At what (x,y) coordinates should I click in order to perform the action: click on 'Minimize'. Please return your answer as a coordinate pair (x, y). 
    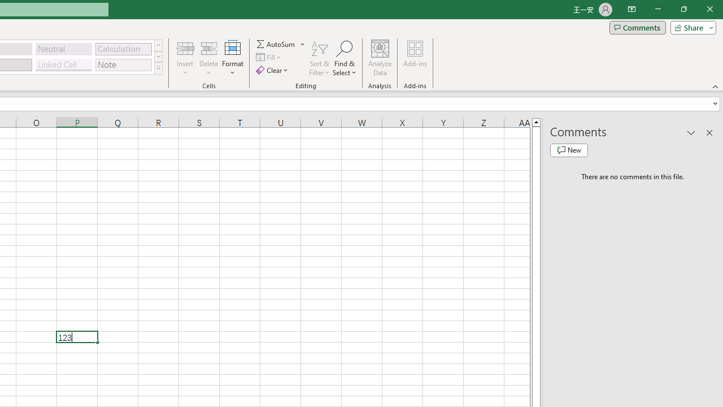
    Looking at the image, I should click on (657, 9).